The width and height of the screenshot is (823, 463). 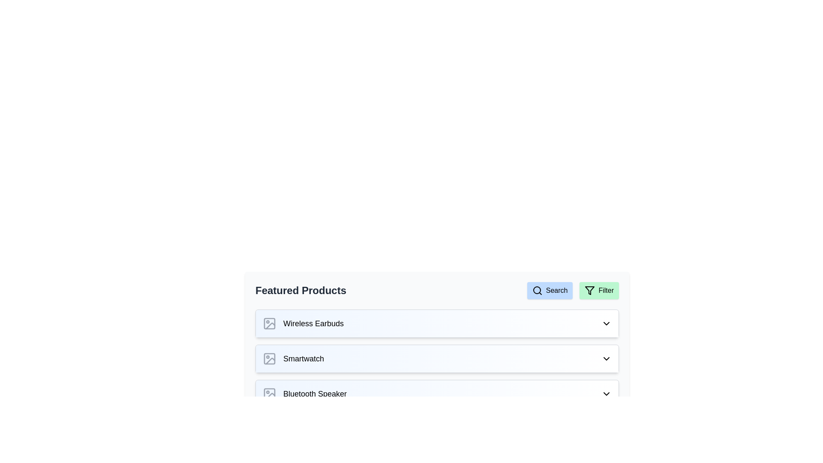 What do you see at coordinates (606, 324) in the screenshot?
I see `the downward-pointing chevron icon at the far-right end of the row containing 'Wireless Earbuds'` at bounding box center [606, 324].